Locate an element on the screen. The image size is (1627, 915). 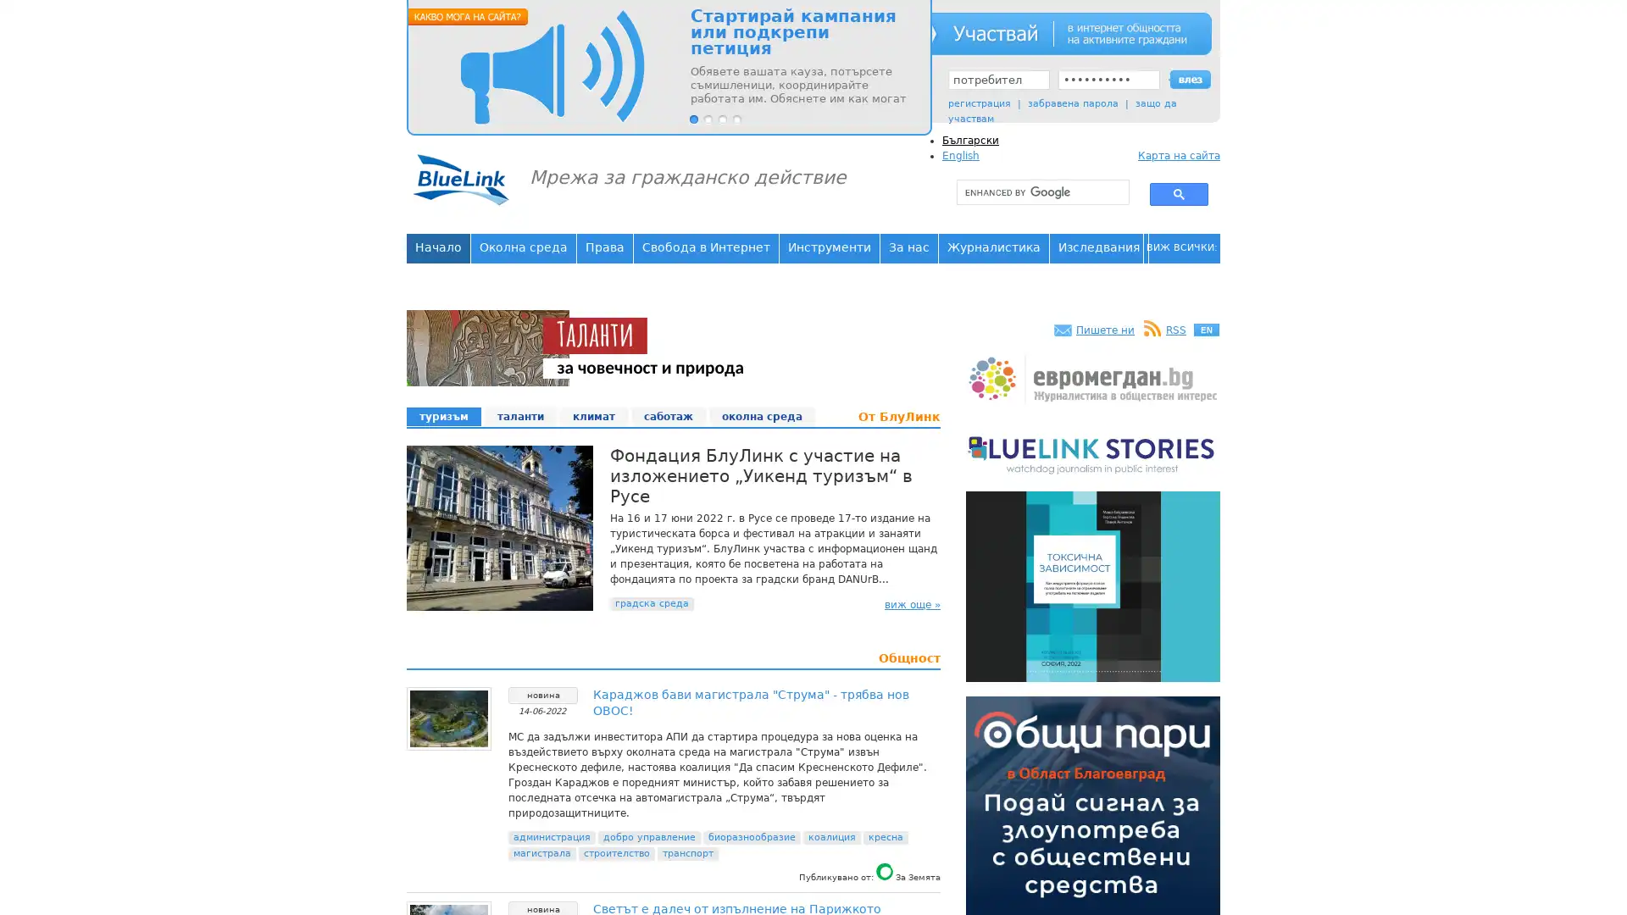
search is located at coordinates (1178, 193).